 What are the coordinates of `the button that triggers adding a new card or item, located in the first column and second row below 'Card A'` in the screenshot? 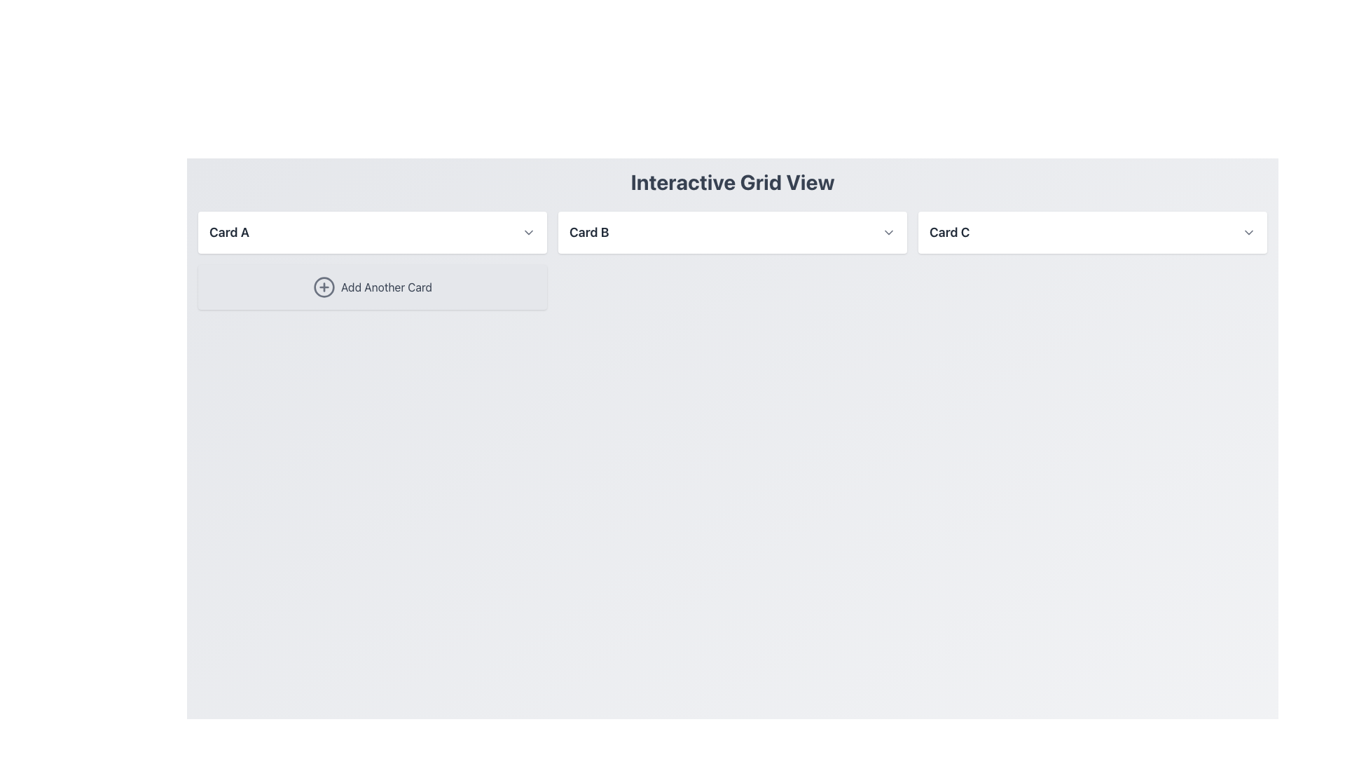 It's located at (373, 286).